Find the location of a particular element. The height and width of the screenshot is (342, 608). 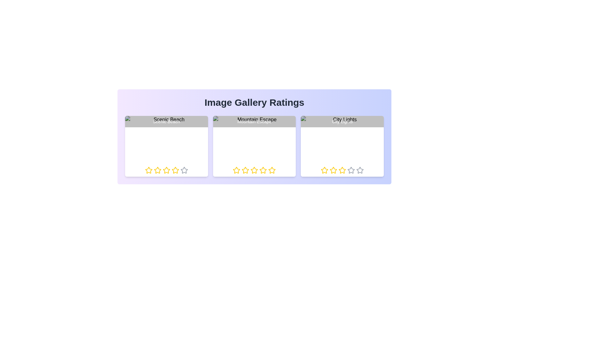

the rating for the image titled 'Scenic Beach' to 1 stars is located at coordinates (144, 170).